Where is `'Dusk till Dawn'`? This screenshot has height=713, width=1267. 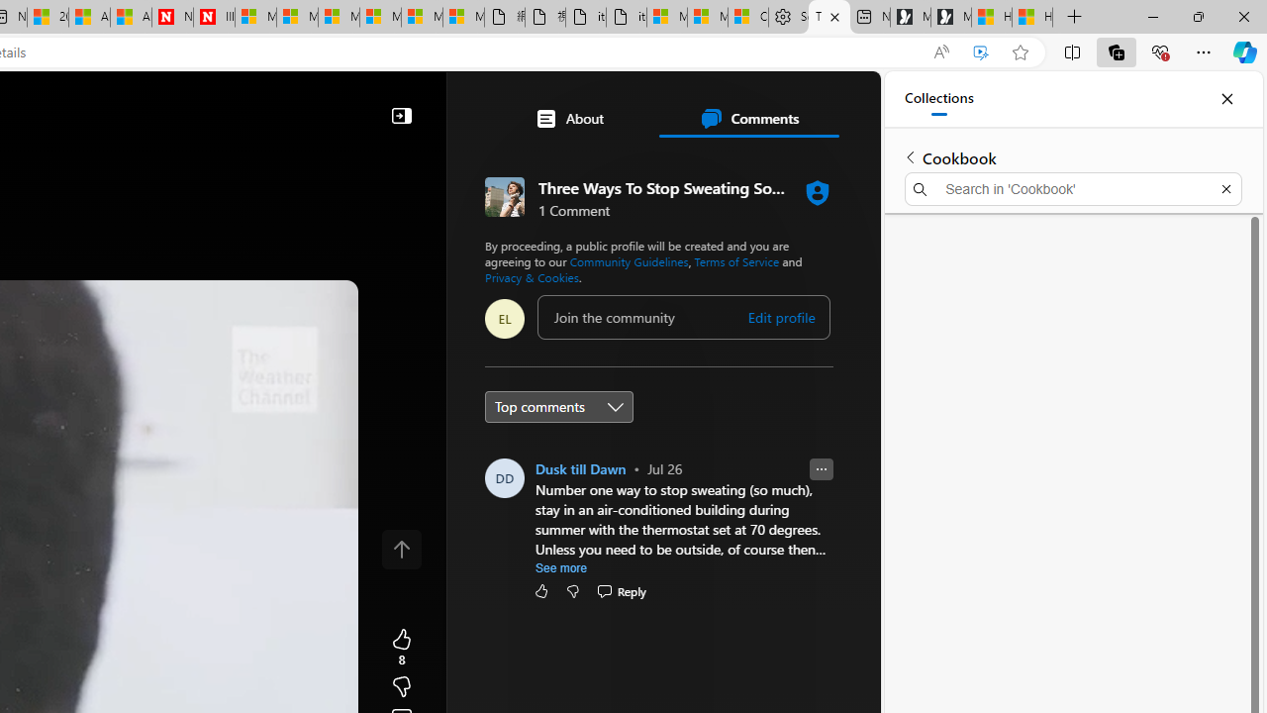
'Dusk till Dawn' is located at coordinates (580, 468).